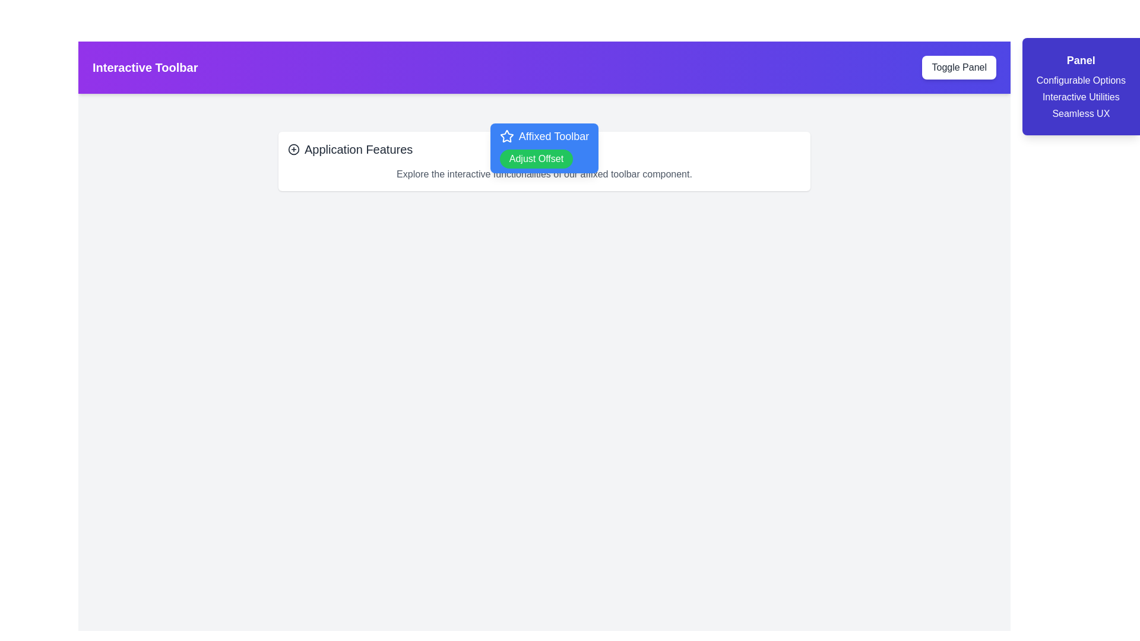 The image size is (1140, 641). What do you see at coordinates (959, 68) in the screenshot?
I see `the 'Toggle Panel' button, which is a rectangular button with a white background and black text, located at the top-right corner of the toolbar` at bounding box center [959, 68].